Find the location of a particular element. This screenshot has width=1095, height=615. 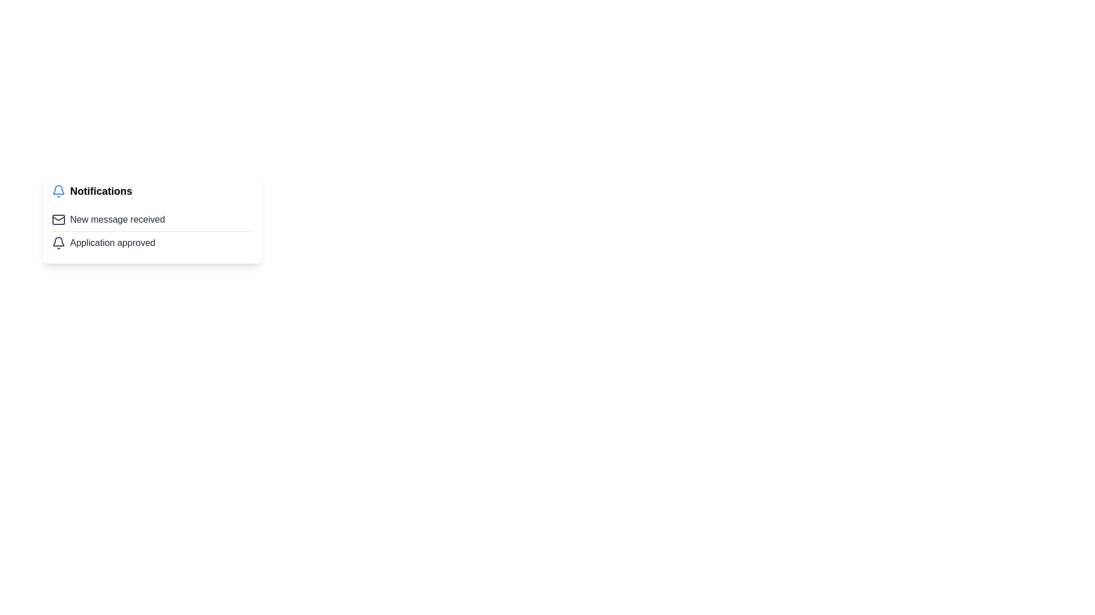

notification item that provides information about a new incoming message, which is the first item in the notification list is located at coordinates (152, 219).